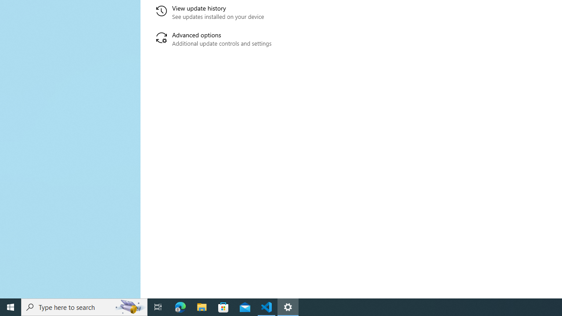  What do you see at coordinates (202, 306) in the screenshot?
I see `'File Explorer'` at bounding box center [202, 306].